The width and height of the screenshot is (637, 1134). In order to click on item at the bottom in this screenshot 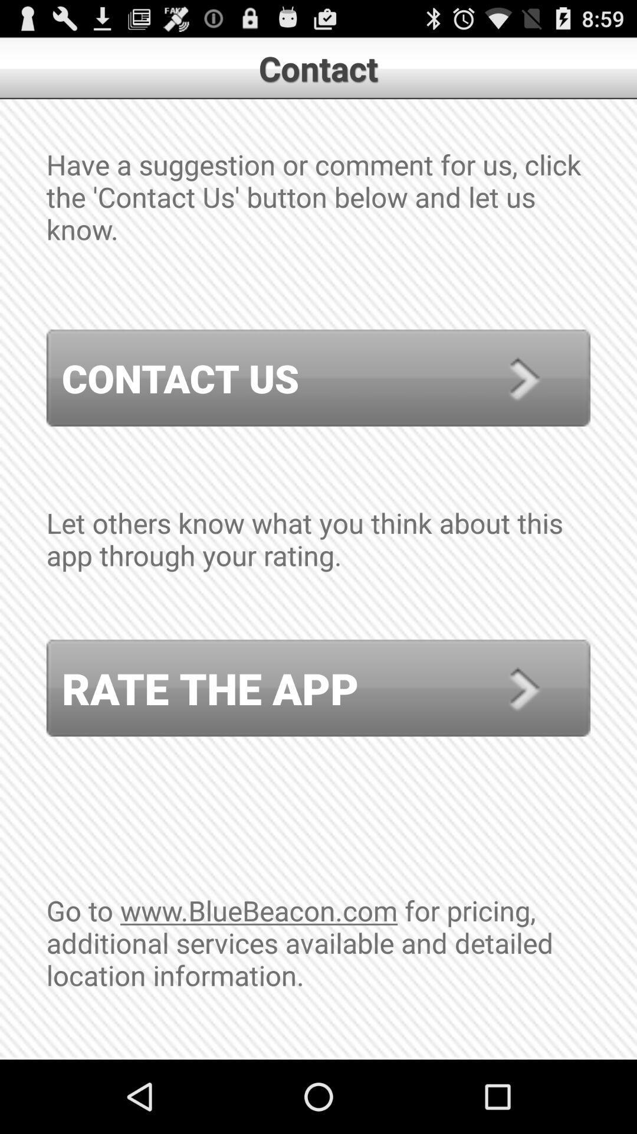, I will do `click(318, 975)`.